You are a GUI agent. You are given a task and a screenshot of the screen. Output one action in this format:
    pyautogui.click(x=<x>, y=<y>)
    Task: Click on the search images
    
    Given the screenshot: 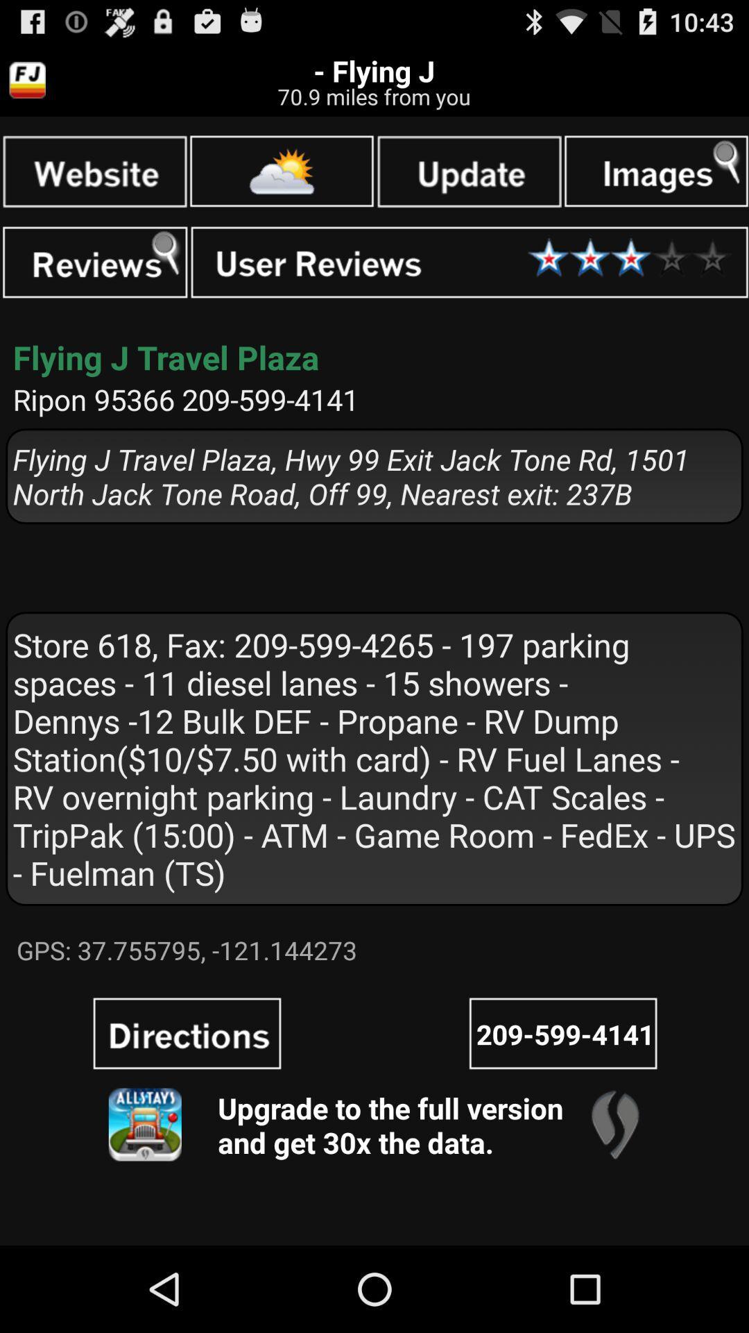 What is the action you would take?
    pyautogui.click(x=655, y=170)
    